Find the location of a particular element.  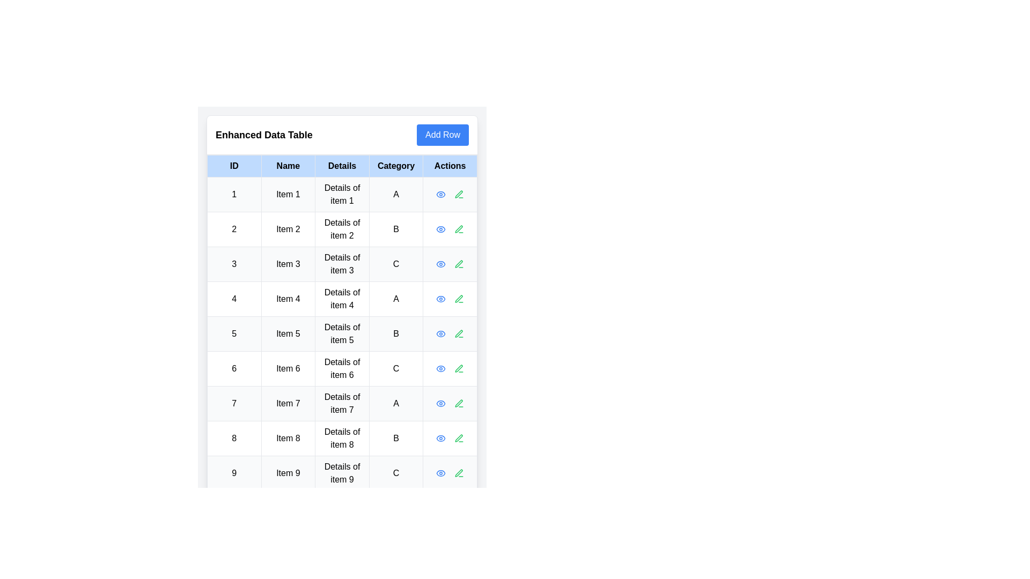

the Icon button located in the 'Actions' column for 'Item 8' in the table is located at coordinates (441, 438).